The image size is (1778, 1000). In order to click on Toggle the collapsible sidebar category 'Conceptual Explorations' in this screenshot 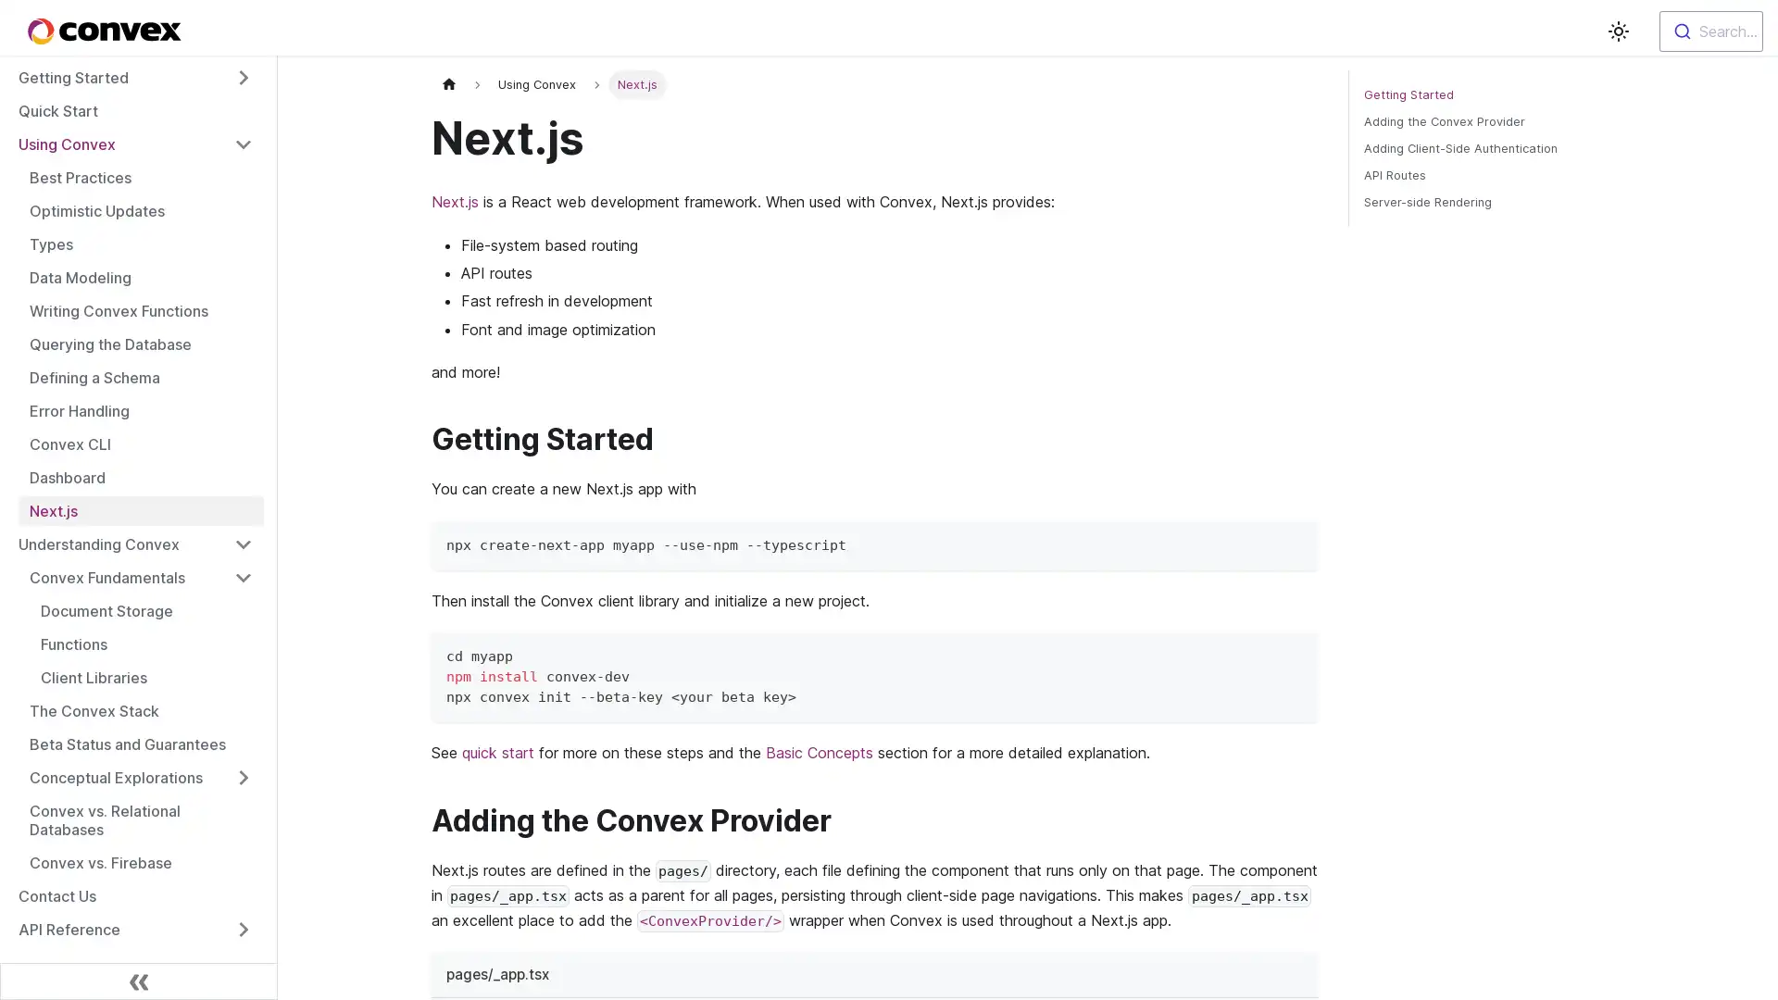, I will do `click(243, 778)`.